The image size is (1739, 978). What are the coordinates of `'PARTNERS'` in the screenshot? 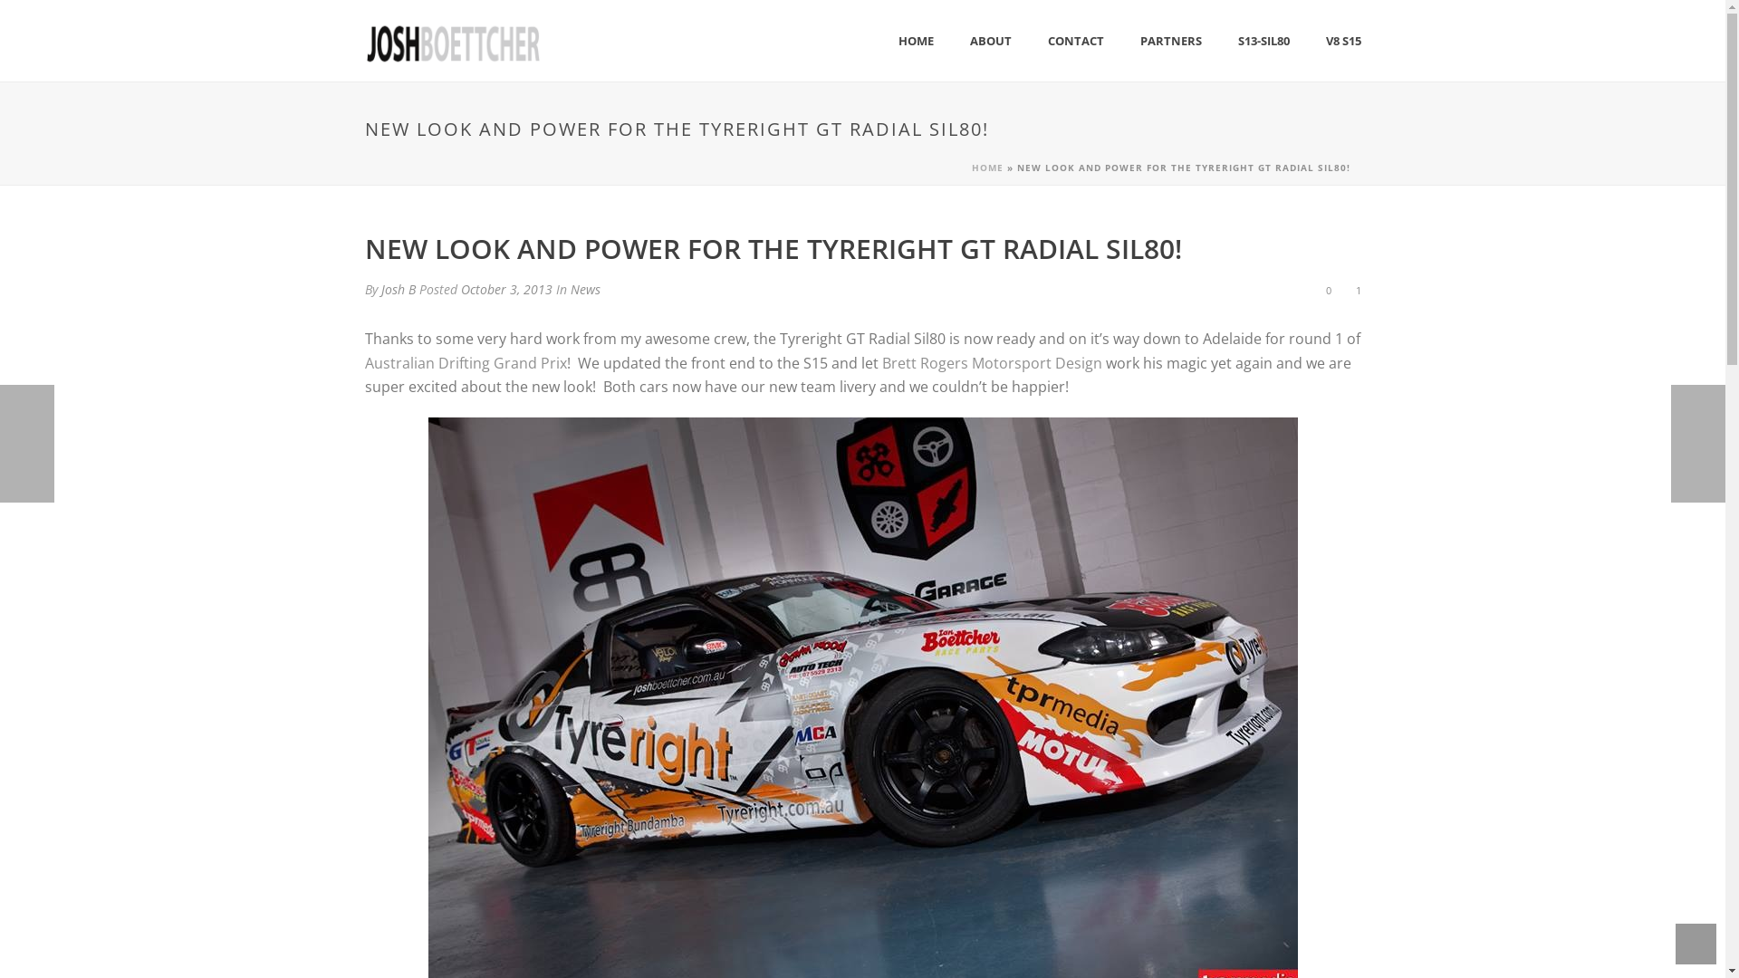 It's located at (1169, 41).